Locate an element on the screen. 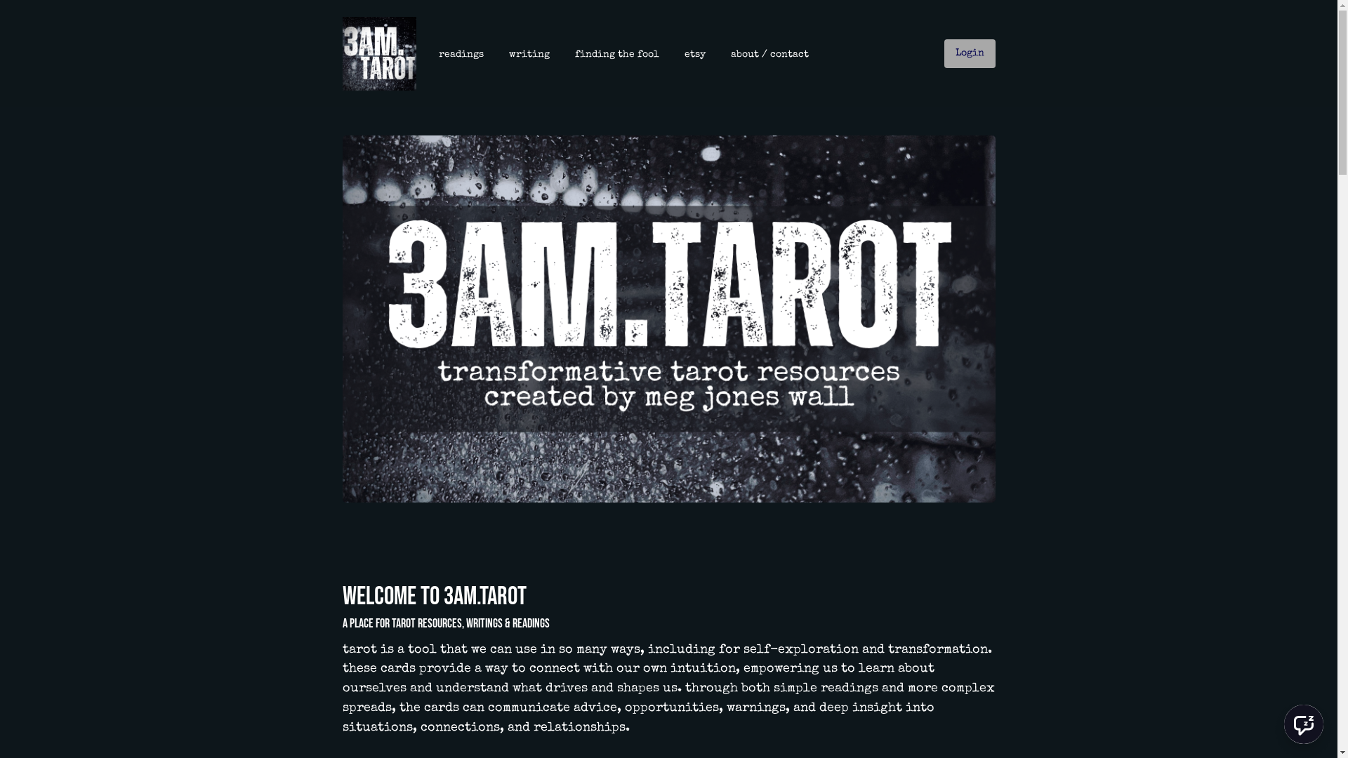 Image resolution: width=1348 pixels, height=758 pixels. 'writing' is located at coordinates (528, 53).